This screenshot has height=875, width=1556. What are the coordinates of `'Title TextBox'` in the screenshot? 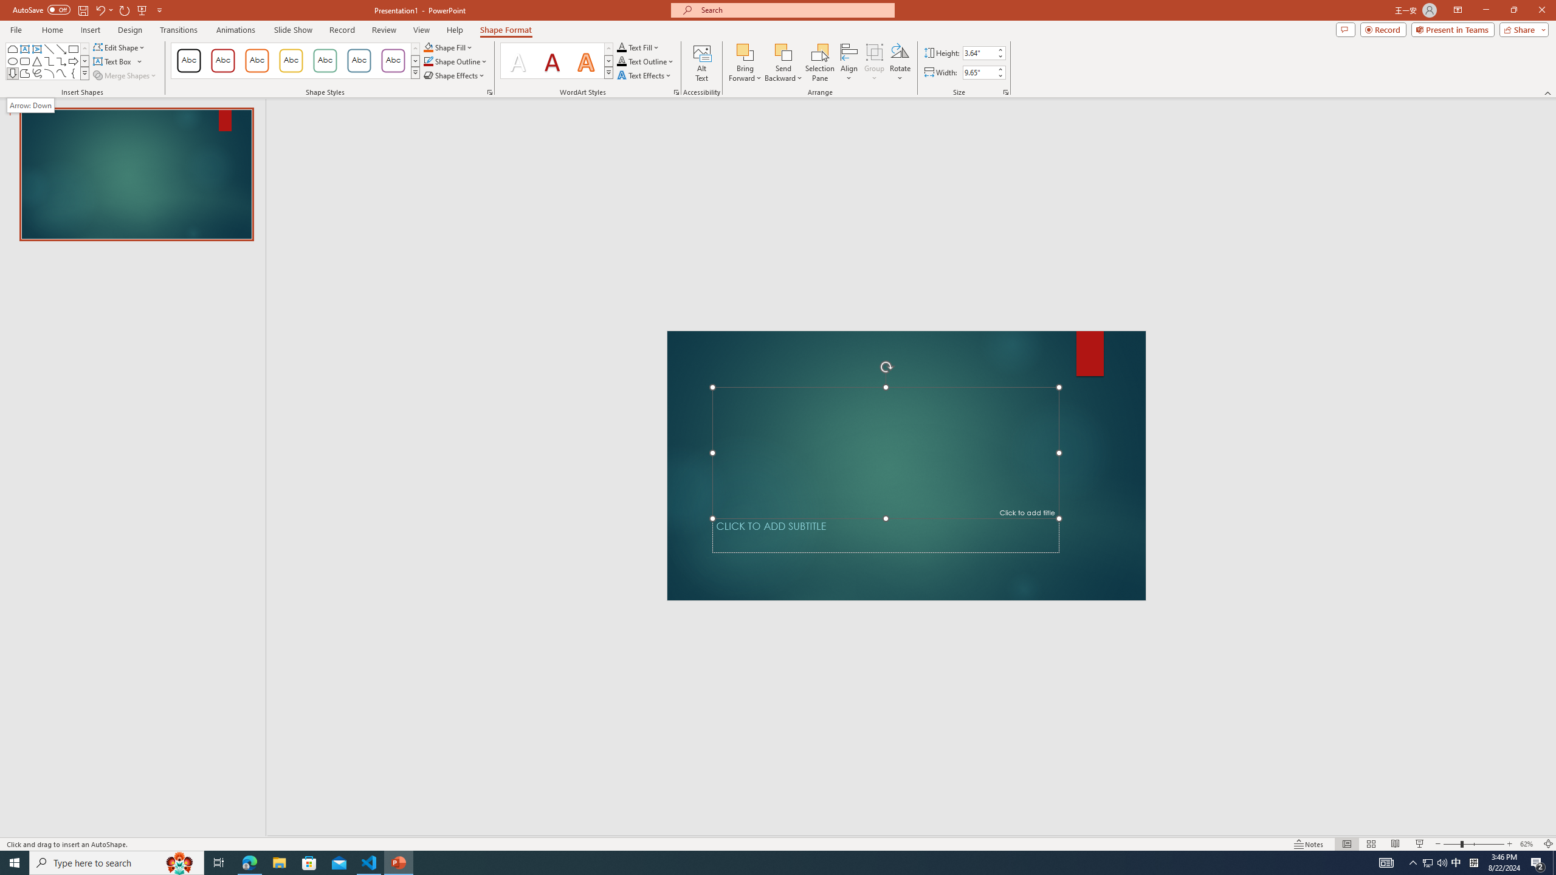 It's located at (884, 452).